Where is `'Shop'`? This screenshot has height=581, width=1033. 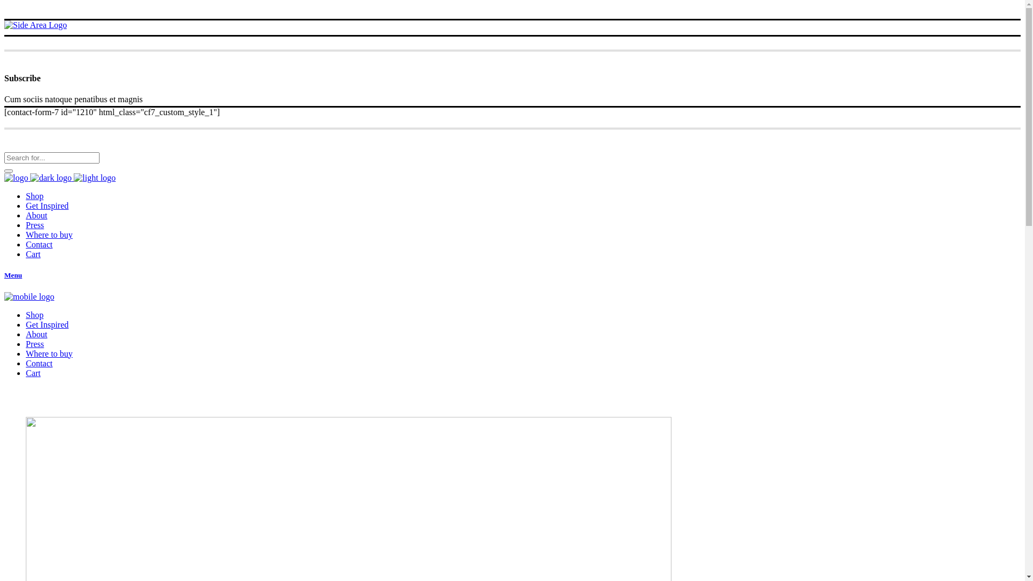
'Shop' is located at coordinates (34, 196).